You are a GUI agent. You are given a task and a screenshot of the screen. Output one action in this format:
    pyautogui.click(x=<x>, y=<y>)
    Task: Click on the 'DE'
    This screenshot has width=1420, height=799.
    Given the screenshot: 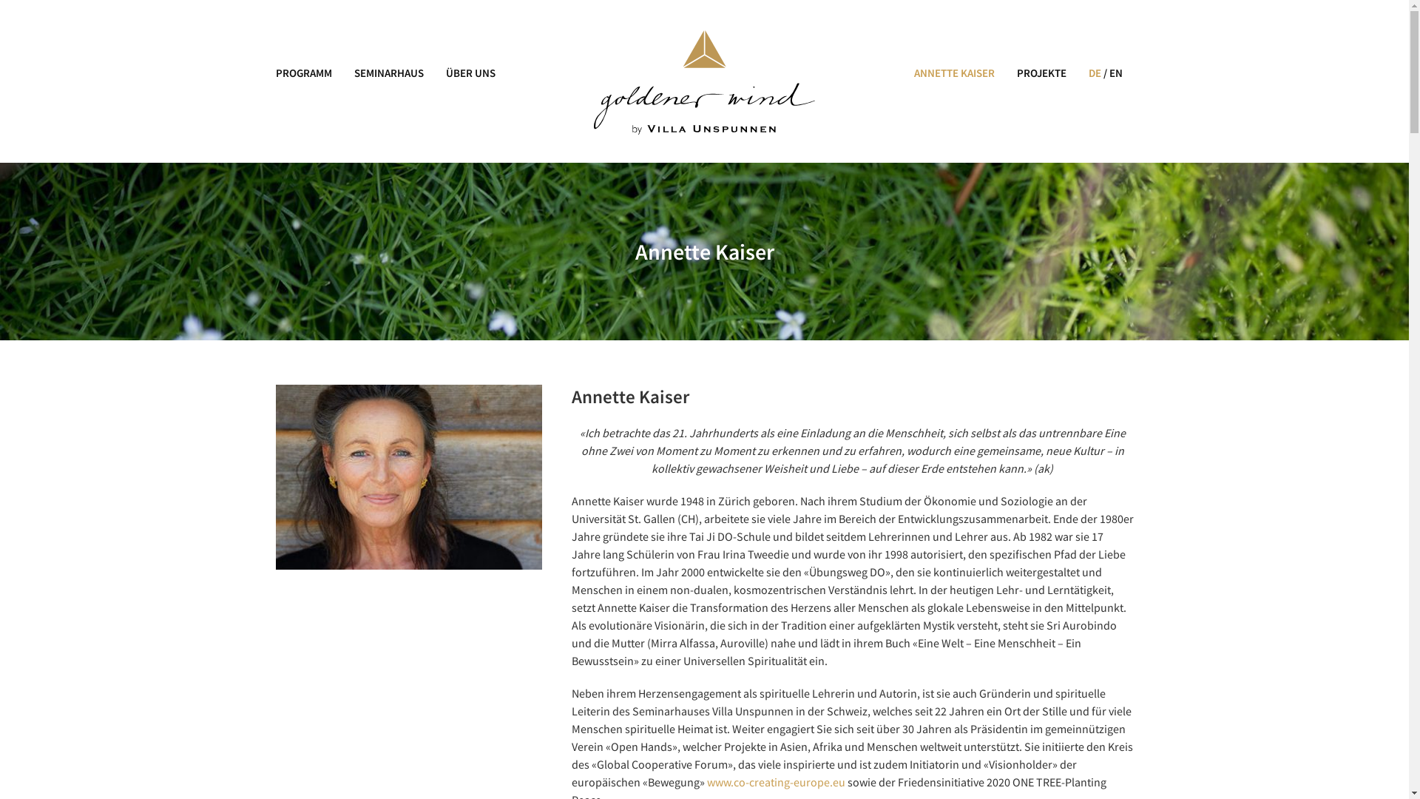 What is the action you would take?
    pyautogui.click(x=1092, y=73)
    